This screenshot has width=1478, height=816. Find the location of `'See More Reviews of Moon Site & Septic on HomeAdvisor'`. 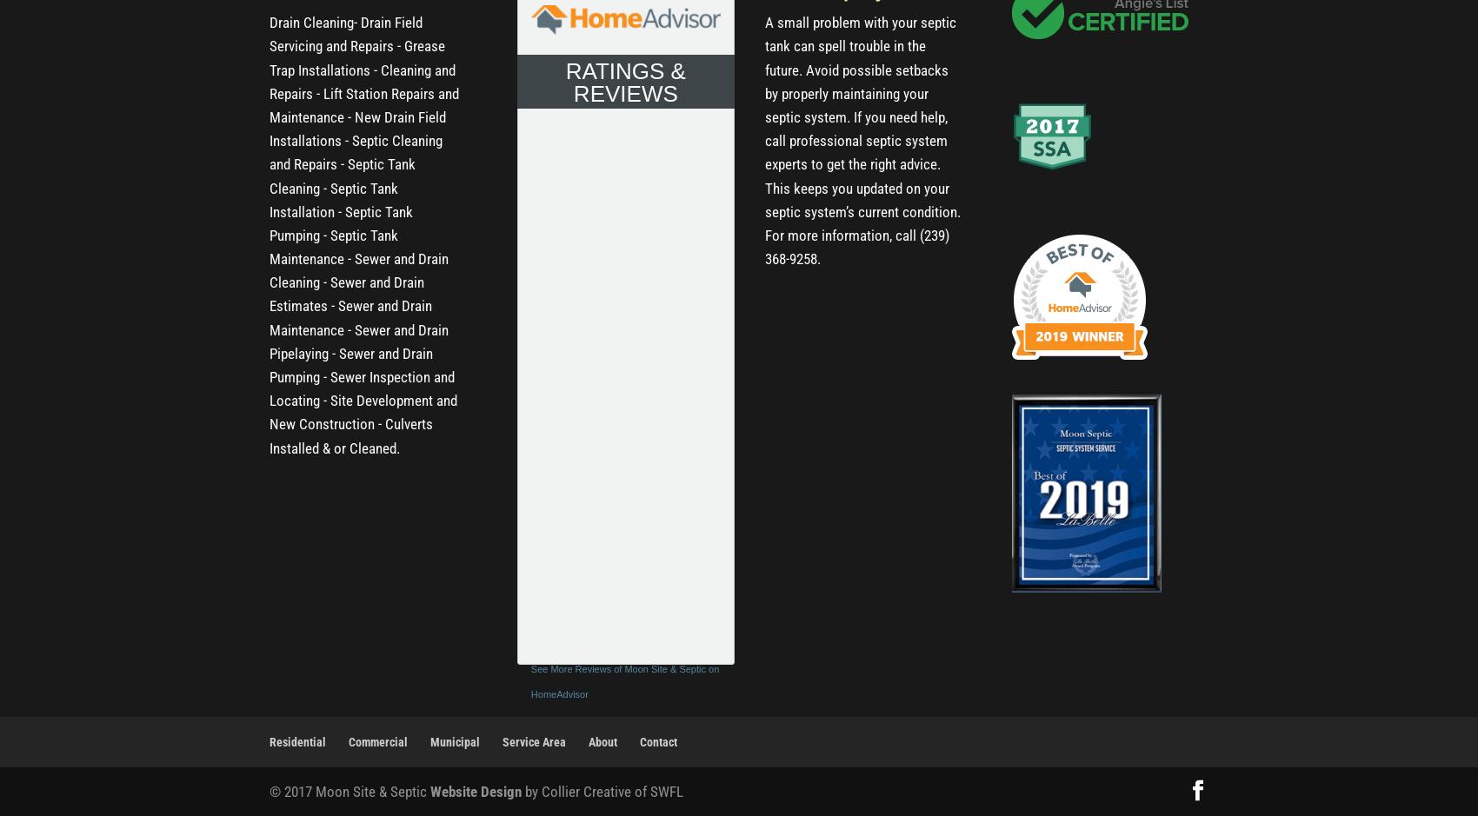

'See More Reviews of Moon Site & Septic on HomeAdvisor' is located at coordinates (624, 680).